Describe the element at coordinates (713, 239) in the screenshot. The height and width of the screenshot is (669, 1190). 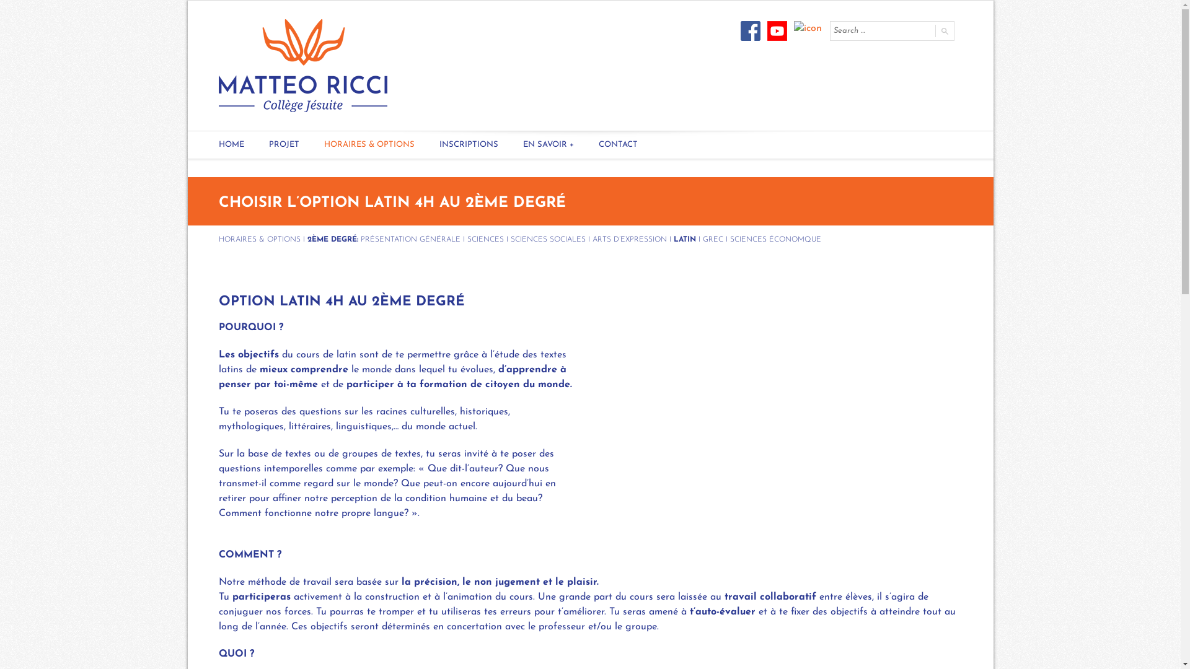
I see `'GREC'` at that location.